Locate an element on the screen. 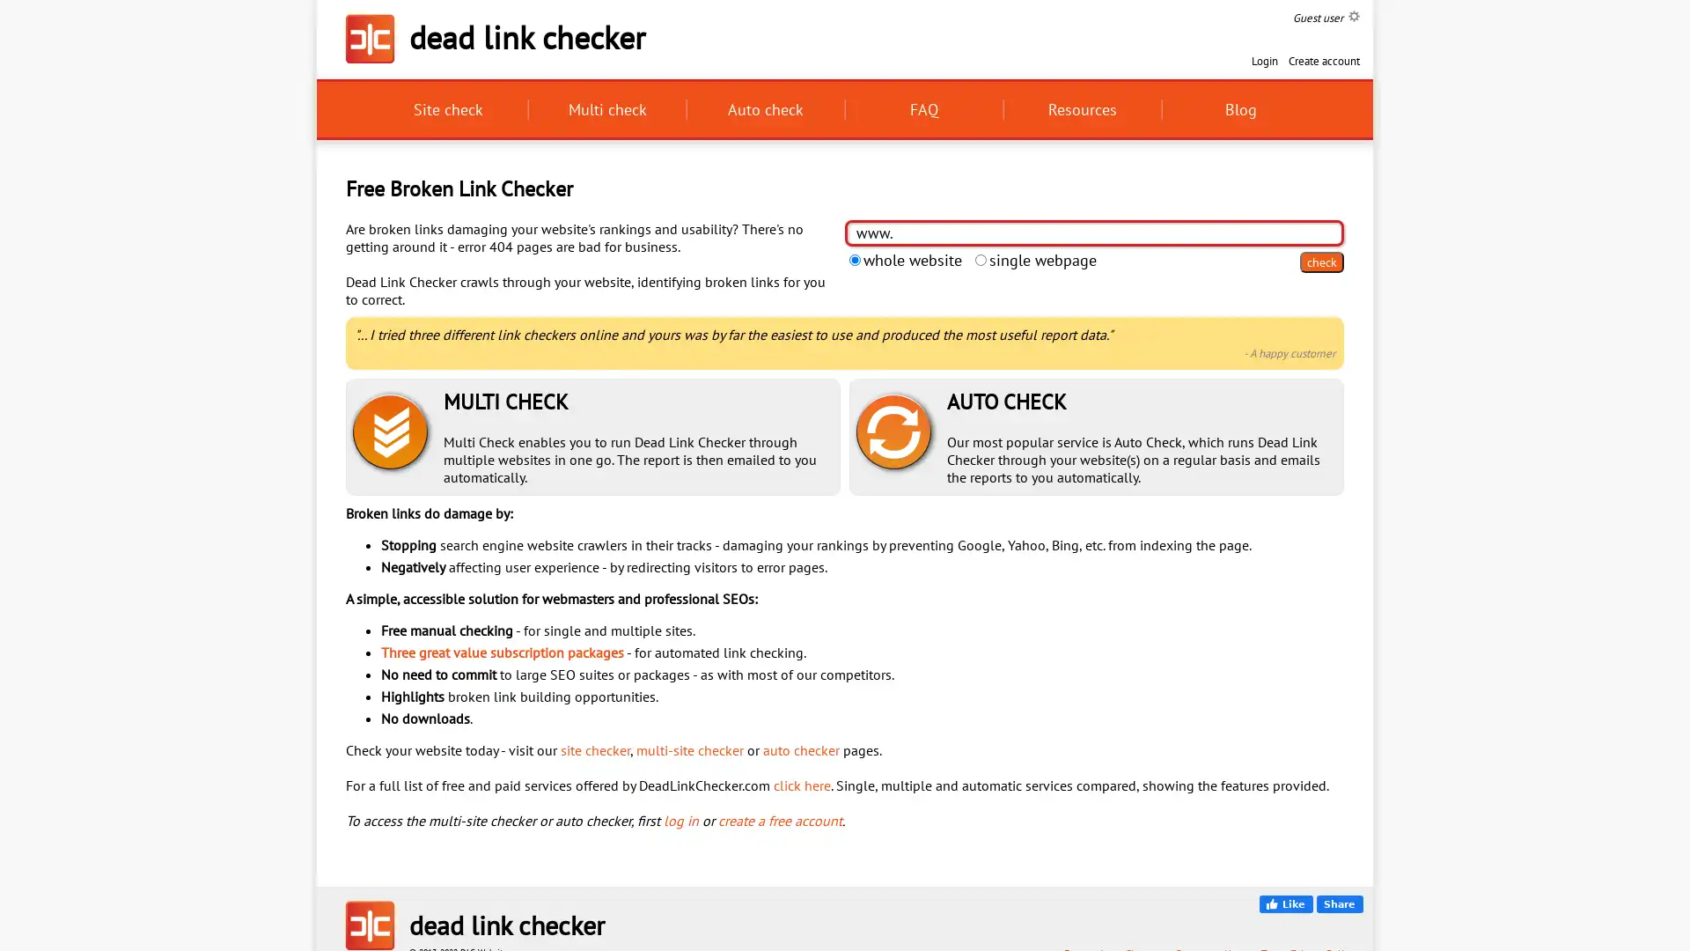 This screenshot has height=951, width=1690. check is located at coordinates (1322, 262).